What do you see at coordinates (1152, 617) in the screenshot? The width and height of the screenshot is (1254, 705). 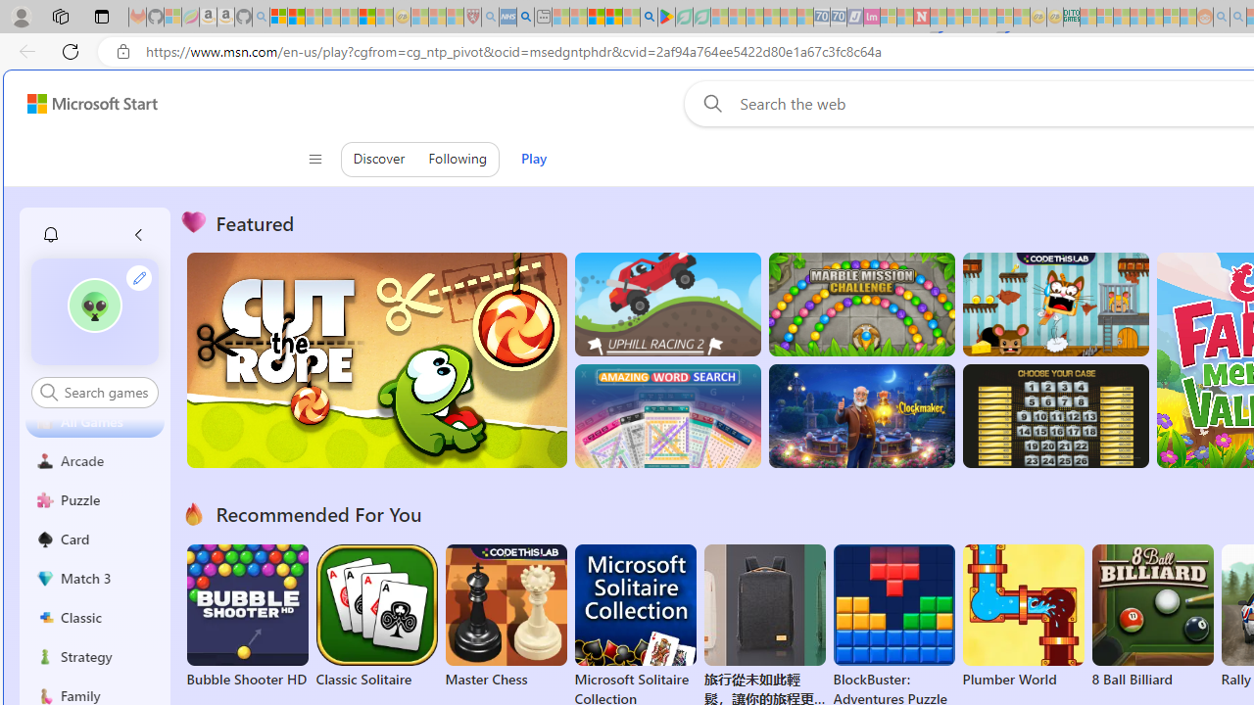 I see `'8 Ball Billiard'` at bounding box center [1152, 617].